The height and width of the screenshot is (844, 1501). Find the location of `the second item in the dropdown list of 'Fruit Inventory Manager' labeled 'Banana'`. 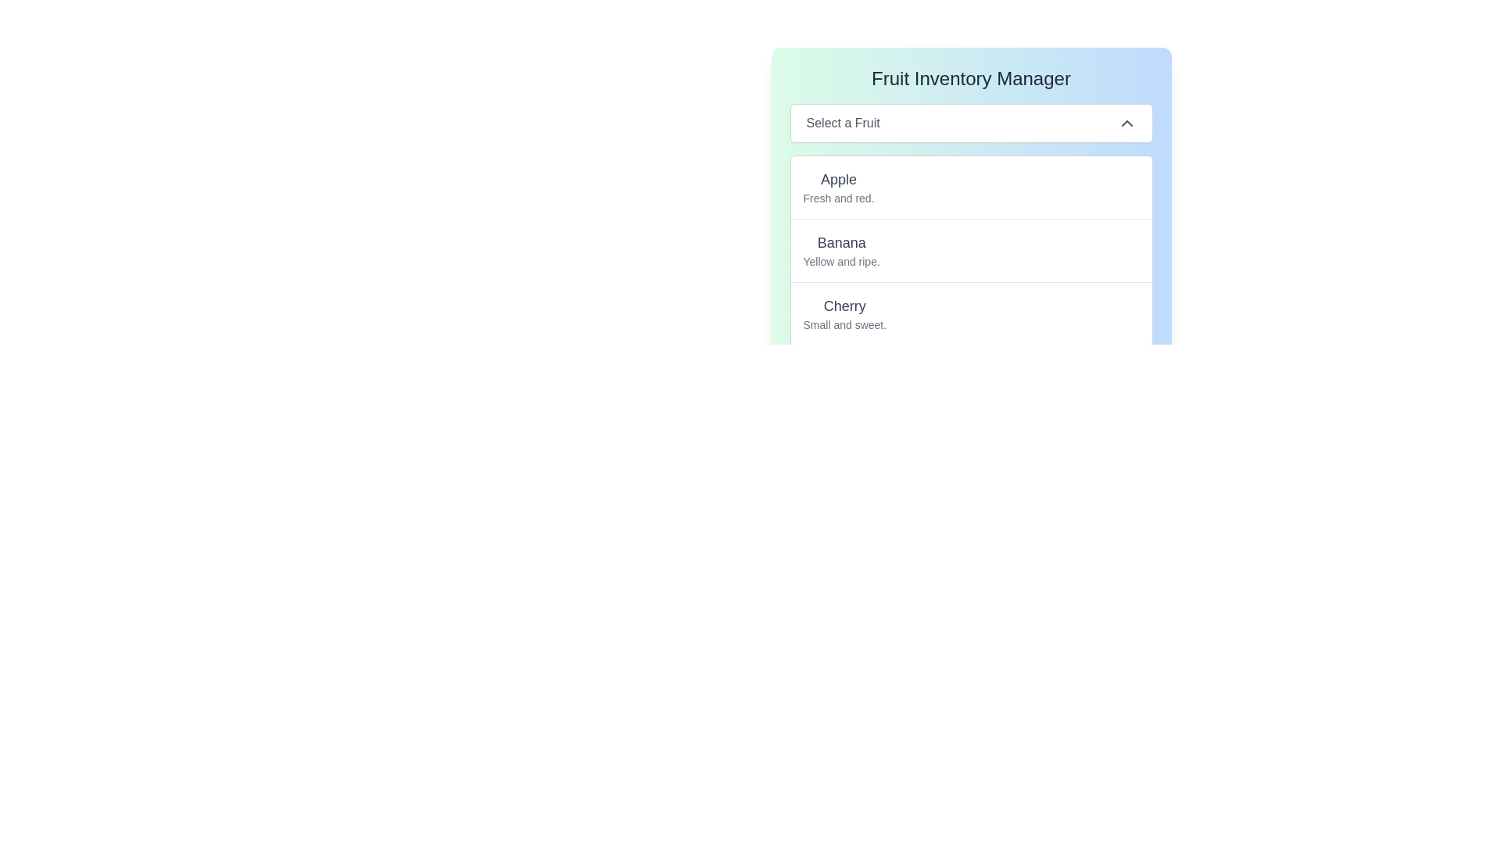

the second item in the dropdown list of 'Fruit Inventory Manager' labeled 'Banana' is located at coordinates (970, 249).